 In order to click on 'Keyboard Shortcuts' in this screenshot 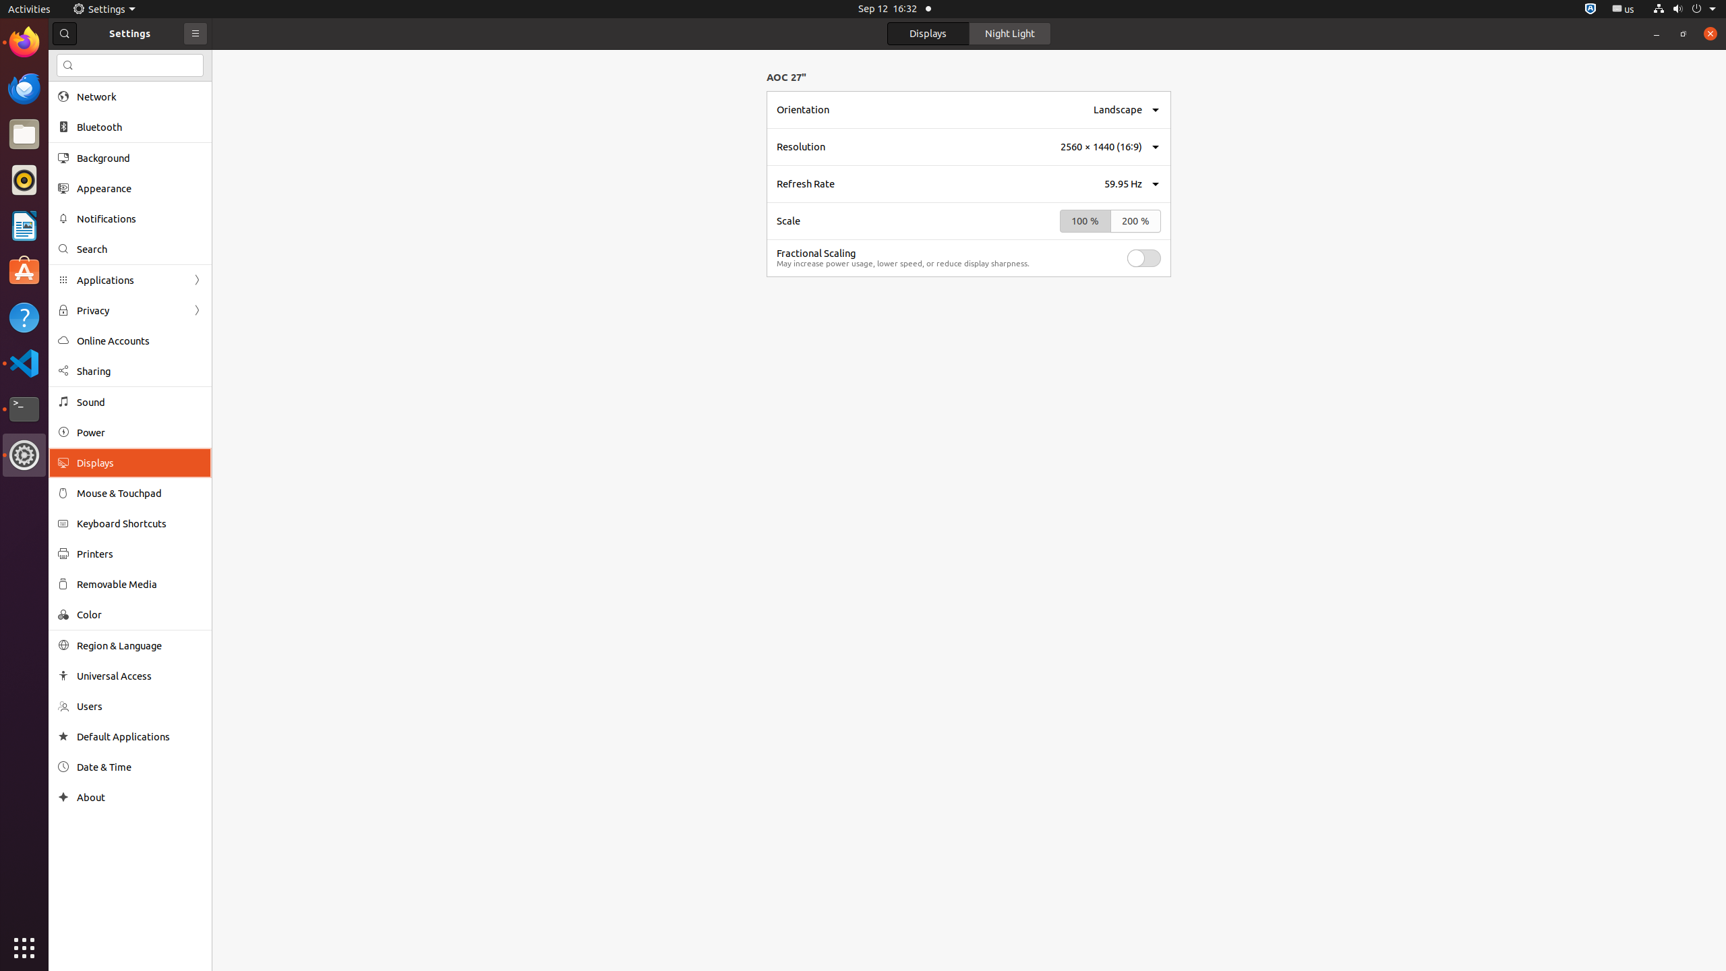, I will do `click(140, 523)`.